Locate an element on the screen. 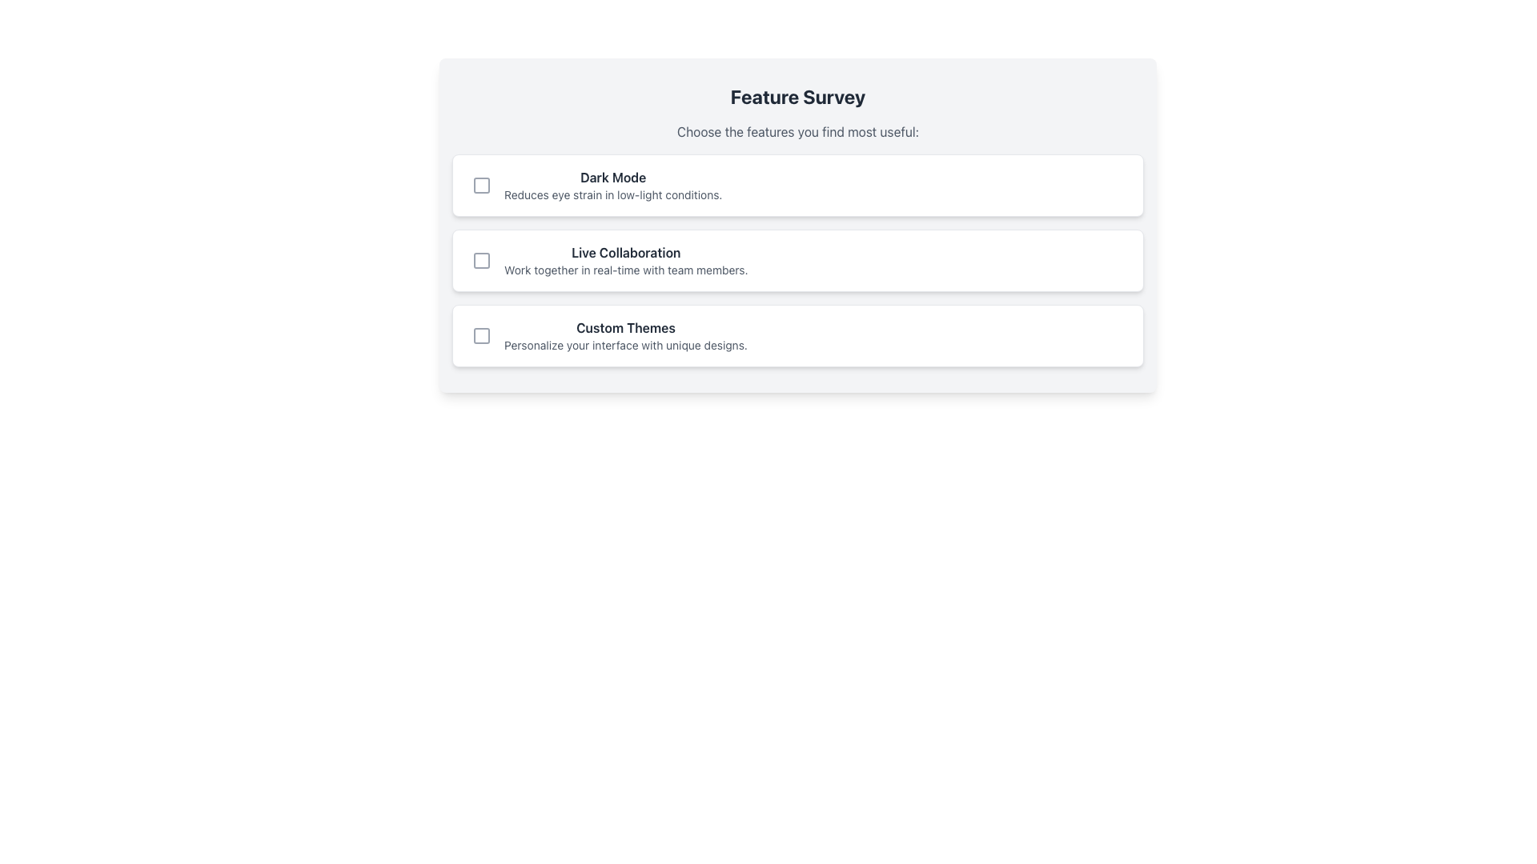 The width and height of the screenshot is (1537, 864). static text that instructs the user: 'Choose the features you find most useful:' located below the title 'Feature Survey' is located at coordinates (798, 131).